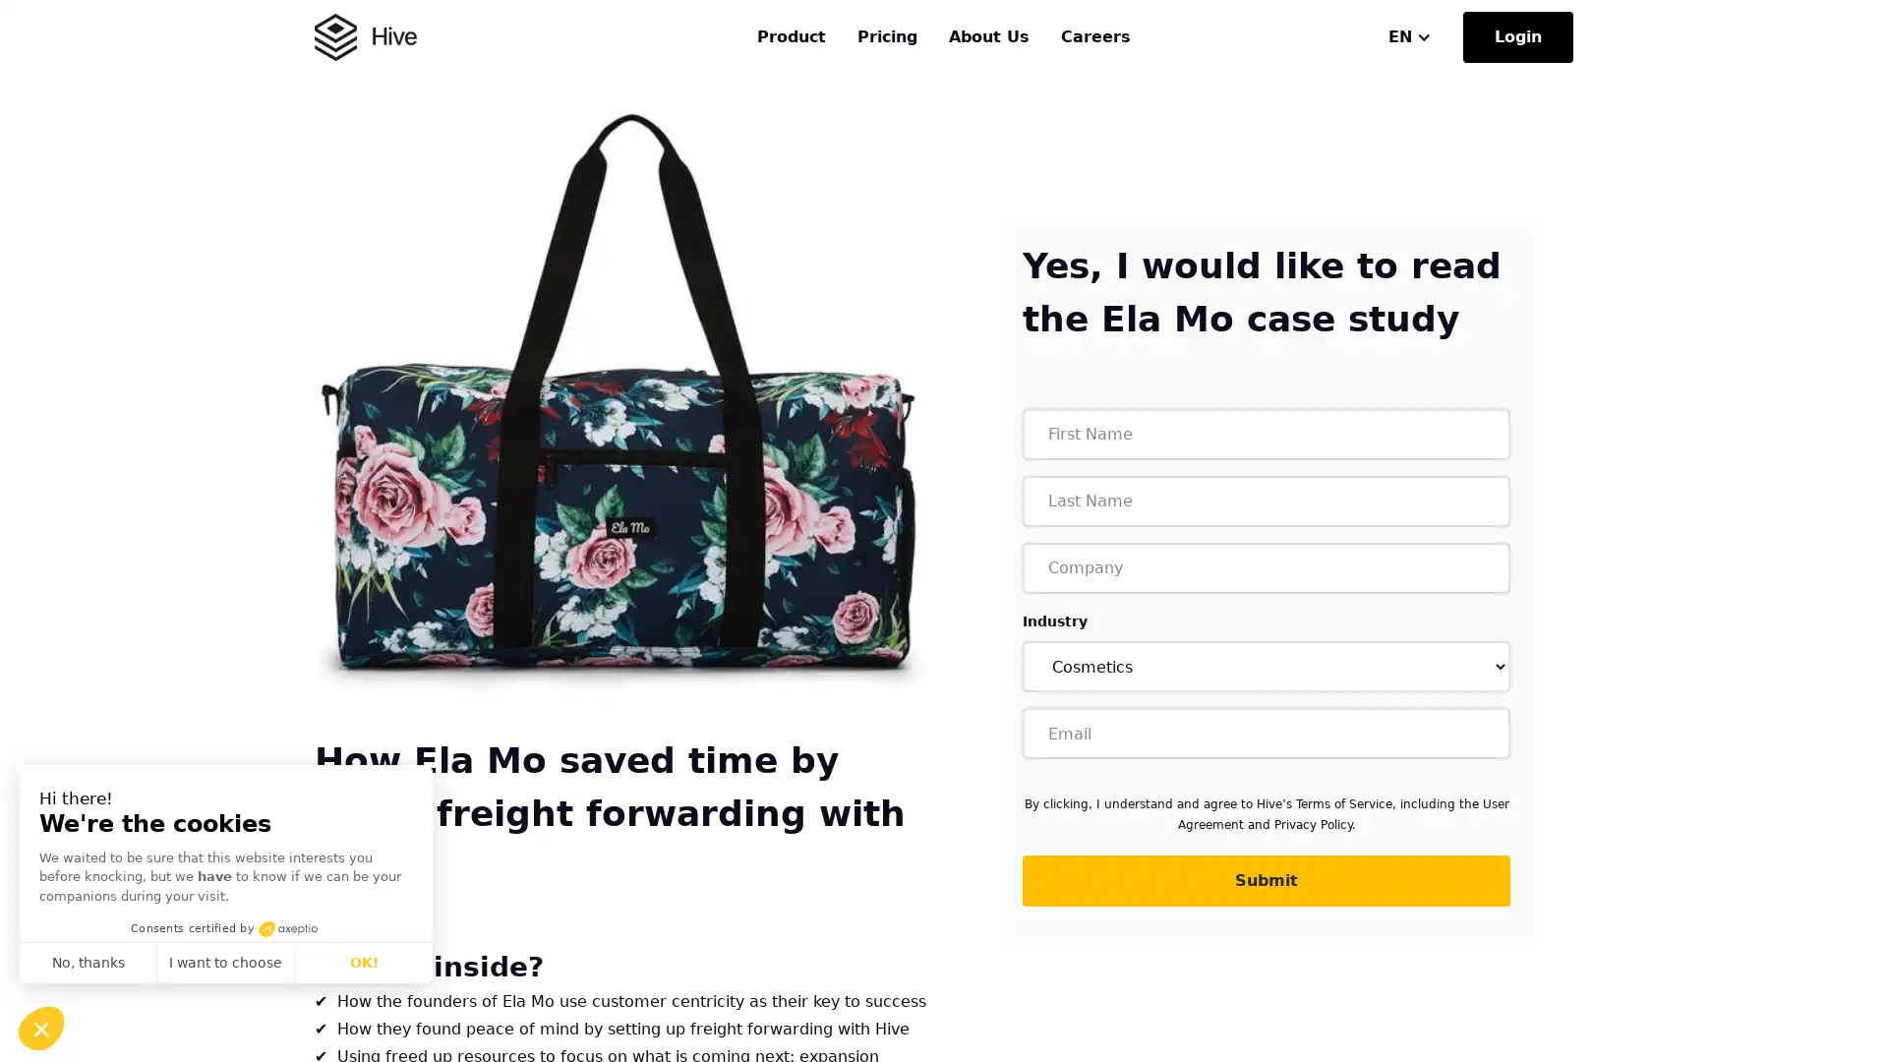 The height and width of the screenshot is (1062, 1888). Describe the element at coordinates (363, 962) in the screenshot. I see `OK!` at that location.